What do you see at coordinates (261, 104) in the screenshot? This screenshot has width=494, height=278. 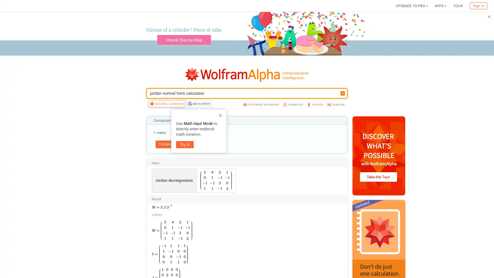 I see `EXTENDED KEYBOARD` at bounding box center [261, 104].